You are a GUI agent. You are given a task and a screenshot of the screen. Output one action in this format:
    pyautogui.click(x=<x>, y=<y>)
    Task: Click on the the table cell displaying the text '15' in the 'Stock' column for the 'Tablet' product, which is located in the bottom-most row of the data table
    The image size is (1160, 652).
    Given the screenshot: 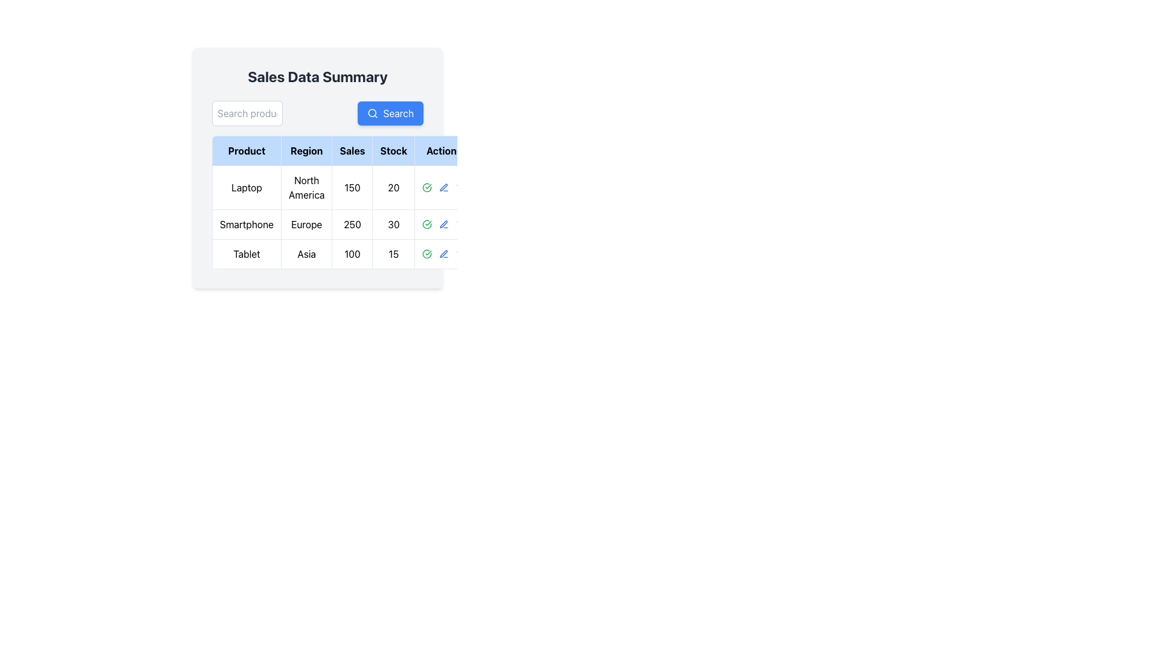 What is the action you would take?
    pyautogui.click(x=393, y=253)
    